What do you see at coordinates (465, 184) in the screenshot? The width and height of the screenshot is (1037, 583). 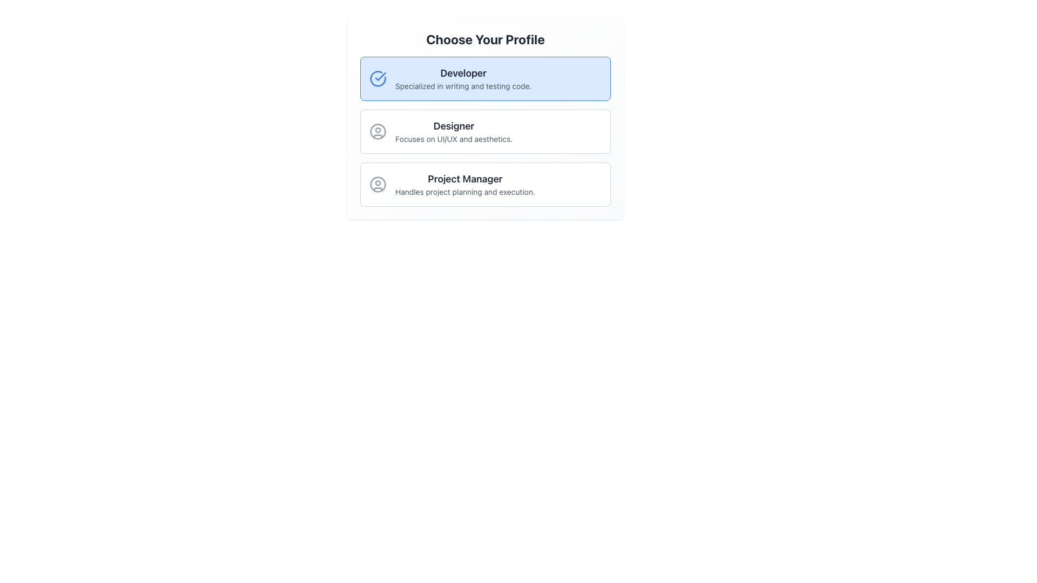 I see `the 'Project Manager' label with descriptive text` at bounding box center [465, 184].